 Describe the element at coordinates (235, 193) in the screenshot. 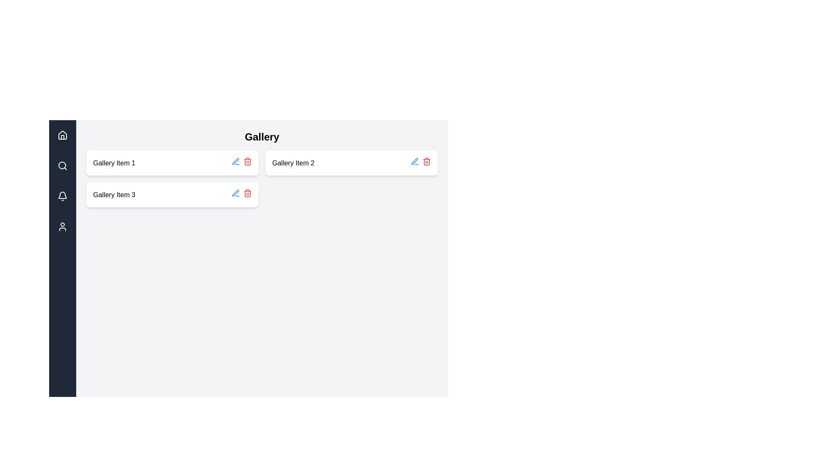

I see `the blue pen icon button located in the top-right corner of the 'Gallery Item 1' card` at that location.